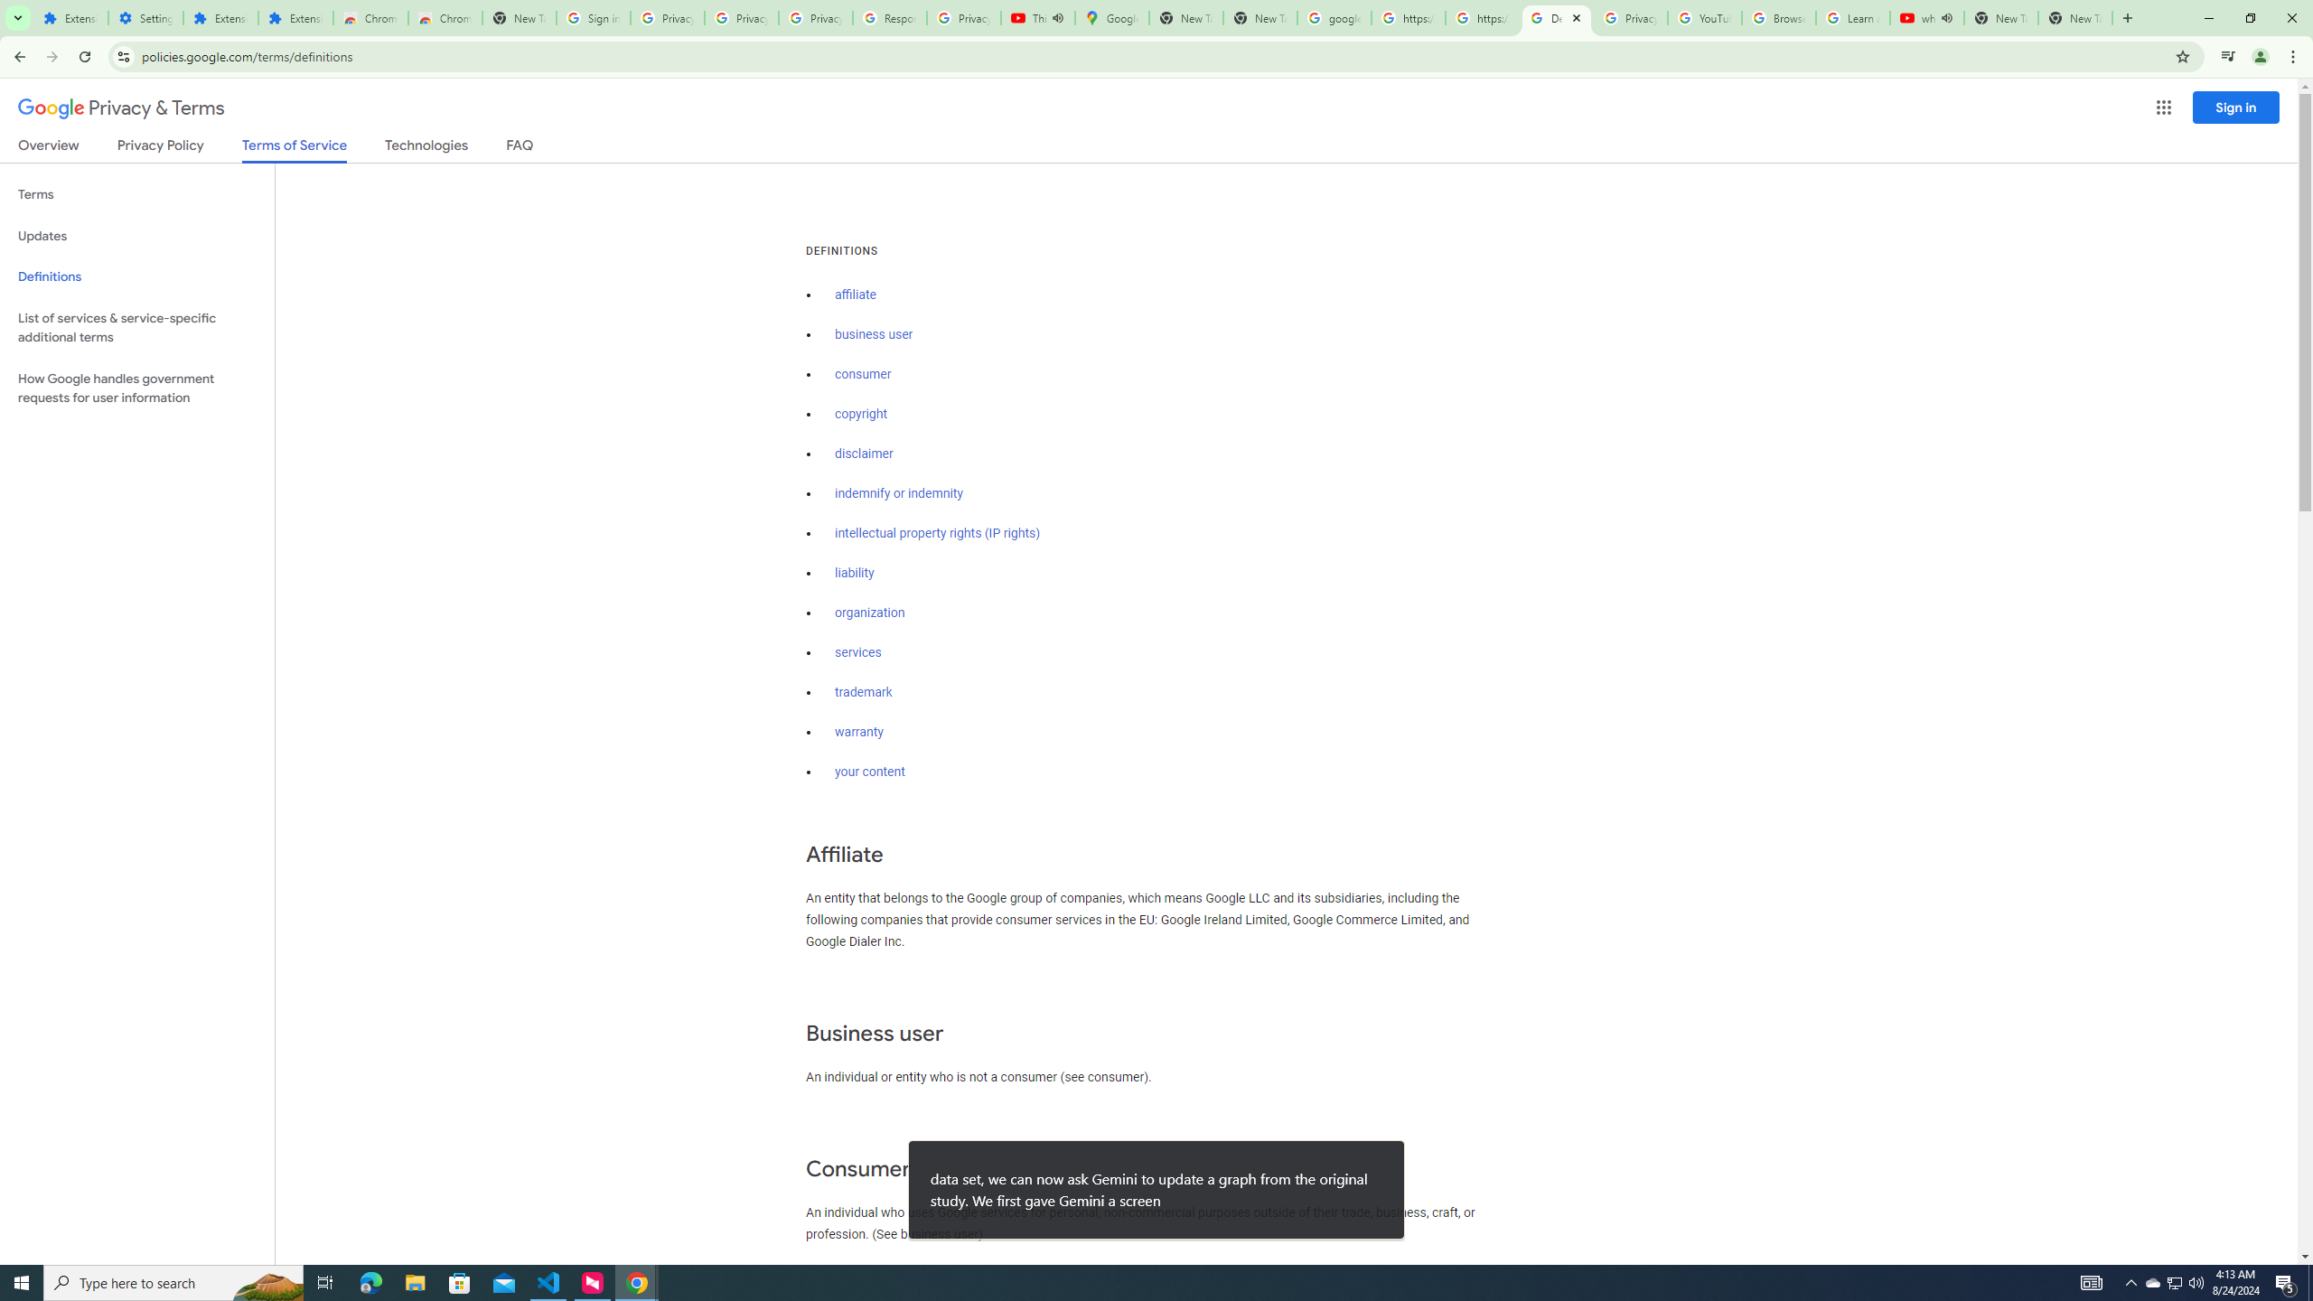 This screenshot has width=2313, height=1301. I want to click on 'YouTube', so click(1705, 17).